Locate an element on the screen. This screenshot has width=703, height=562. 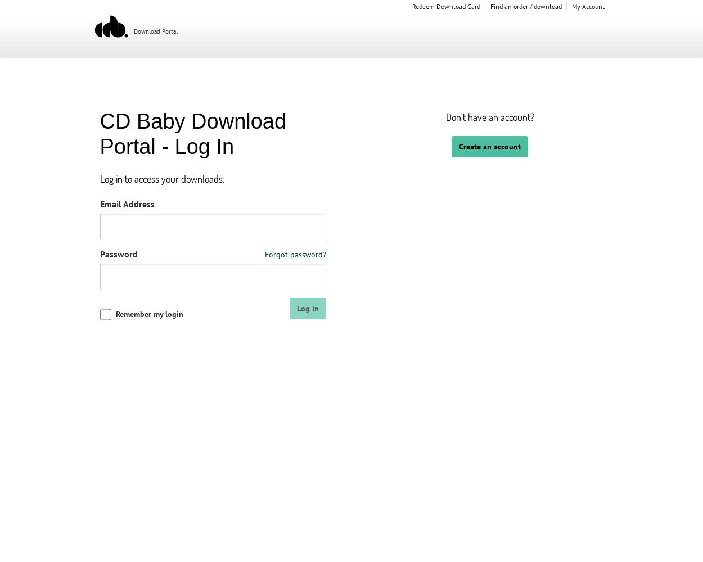
'Email Address' is located at coordinates (100, 203).